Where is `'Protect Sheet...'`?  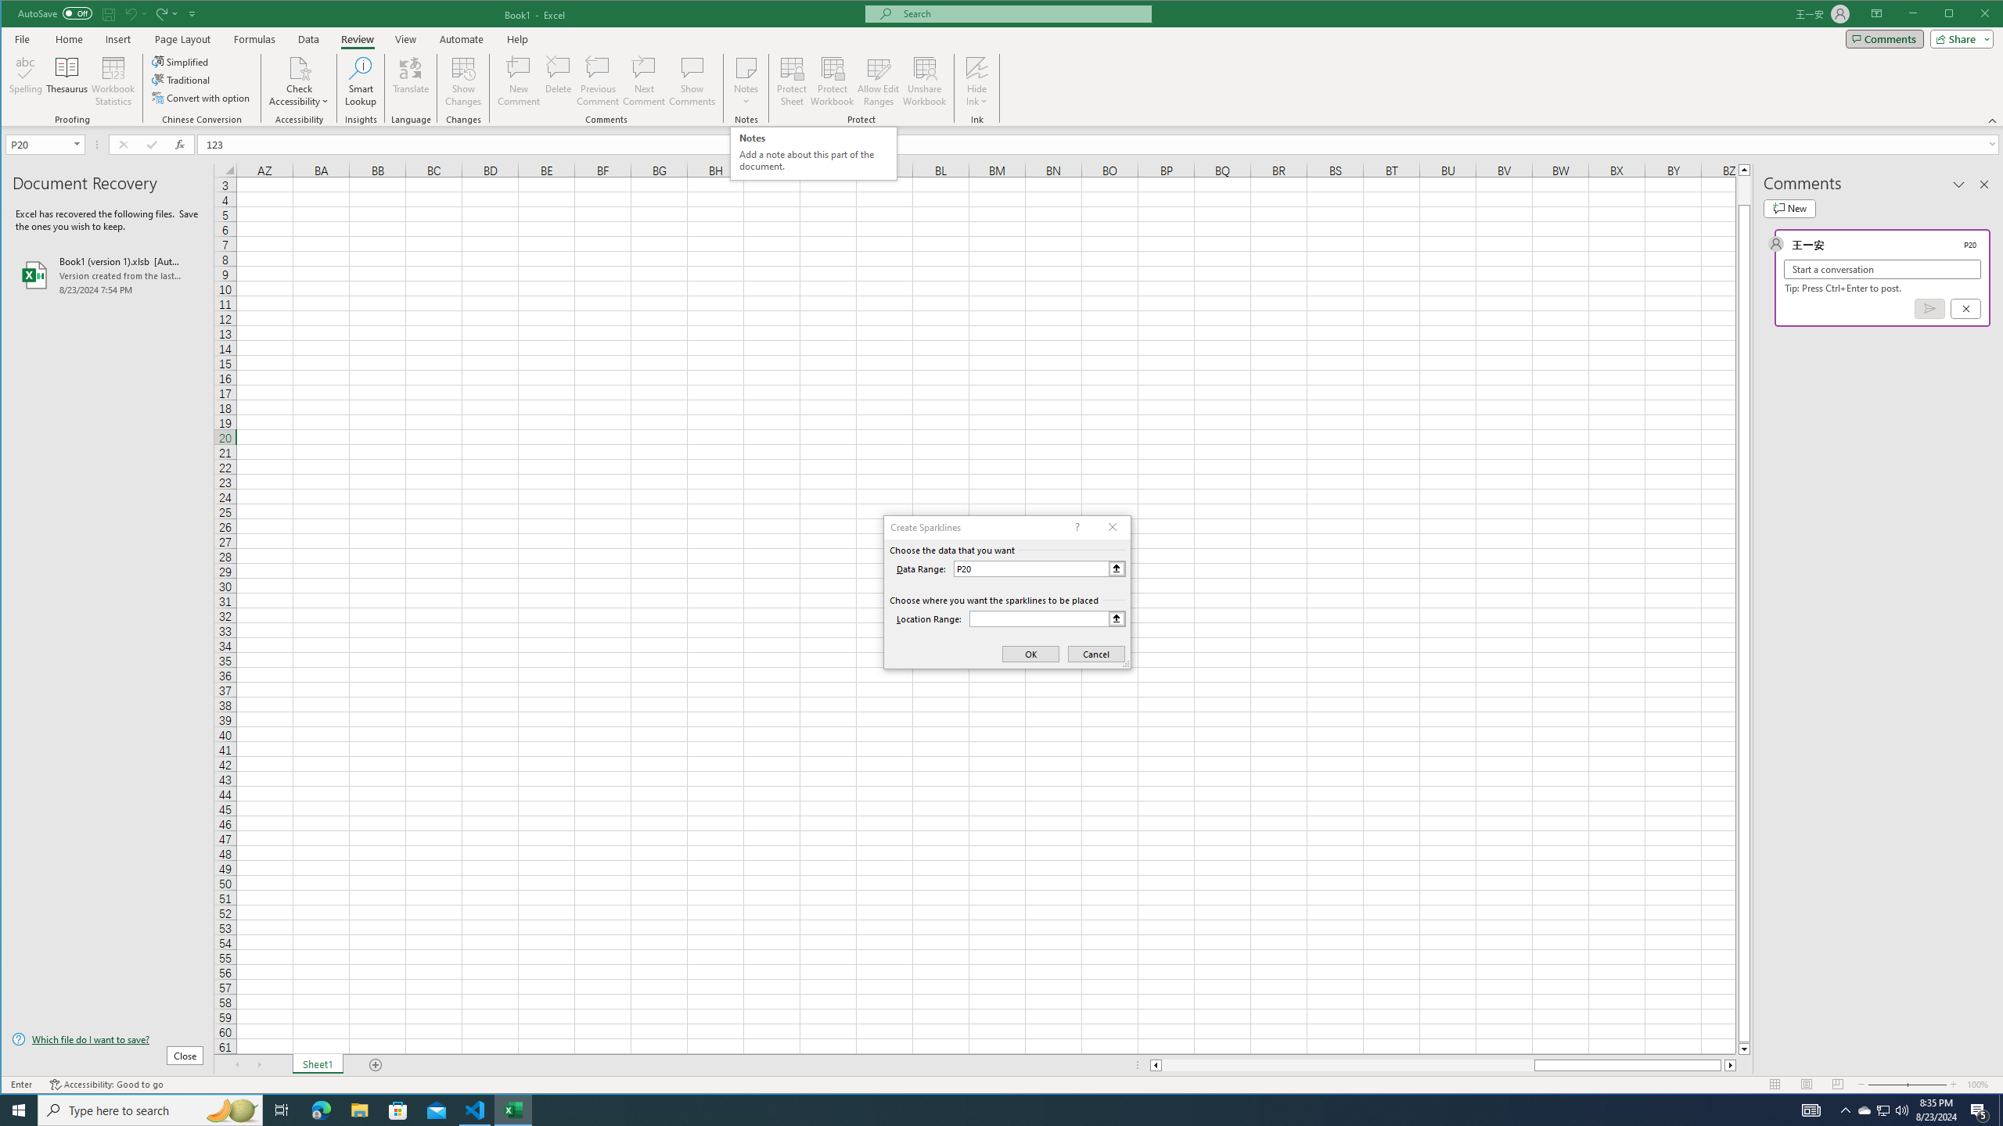 'Protect Sheet...' is located at coordinates (791, 81).